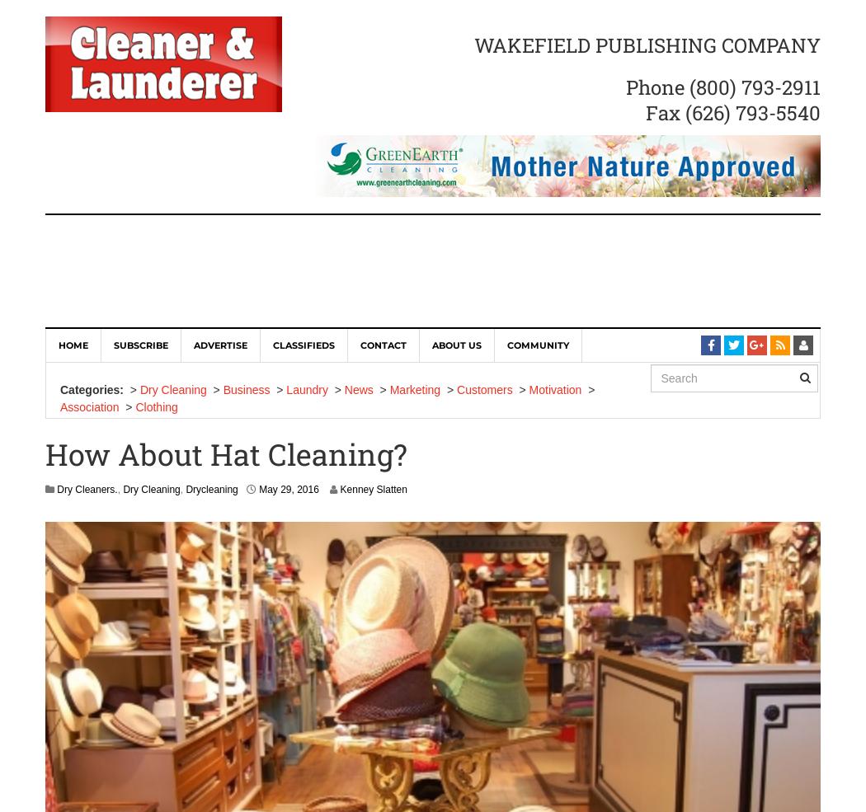 This screenshot has height=812, width=866. What do you see at coordinates (135, 406) in the screenshot?
I see `'Clothing'` at bounding box center [135, 406].